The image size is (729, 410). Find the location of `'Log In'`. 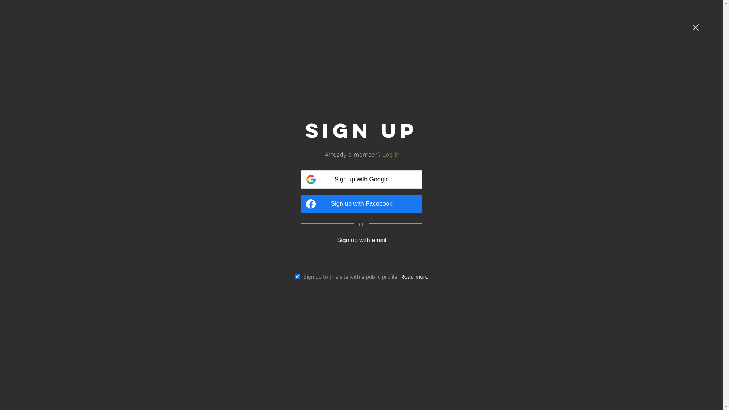

'Log In' is located at coordinates (393, 153).